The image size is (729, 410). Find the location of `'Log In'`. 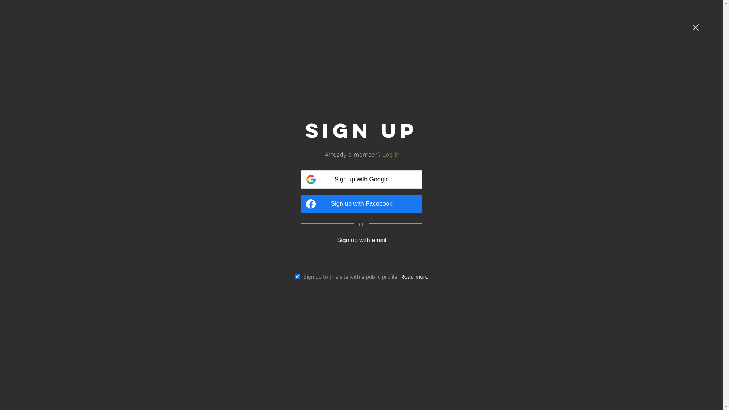

'Log In' is located at coordinates (393, 153).